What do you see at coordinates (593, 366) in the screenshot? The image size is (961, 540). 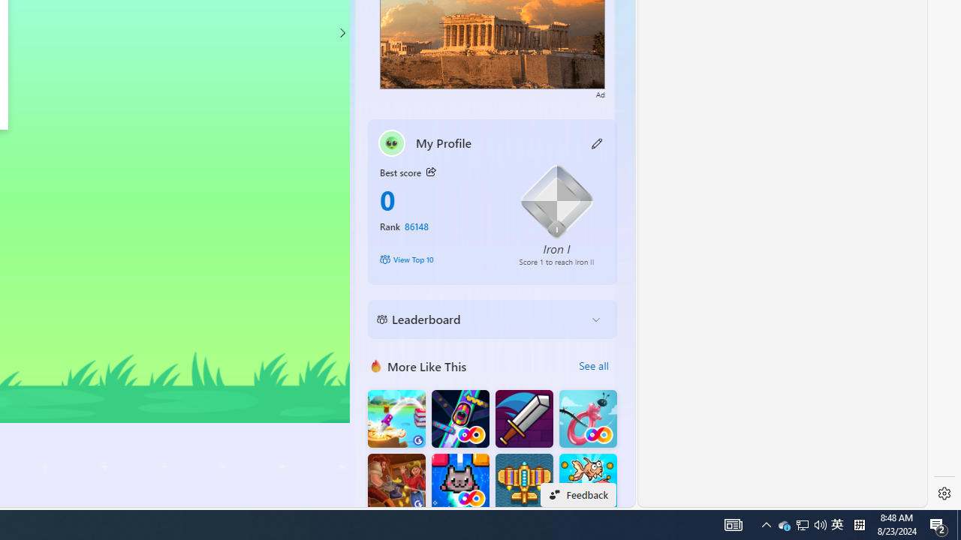 I see `'See all'` at bounding box center [593, 366].